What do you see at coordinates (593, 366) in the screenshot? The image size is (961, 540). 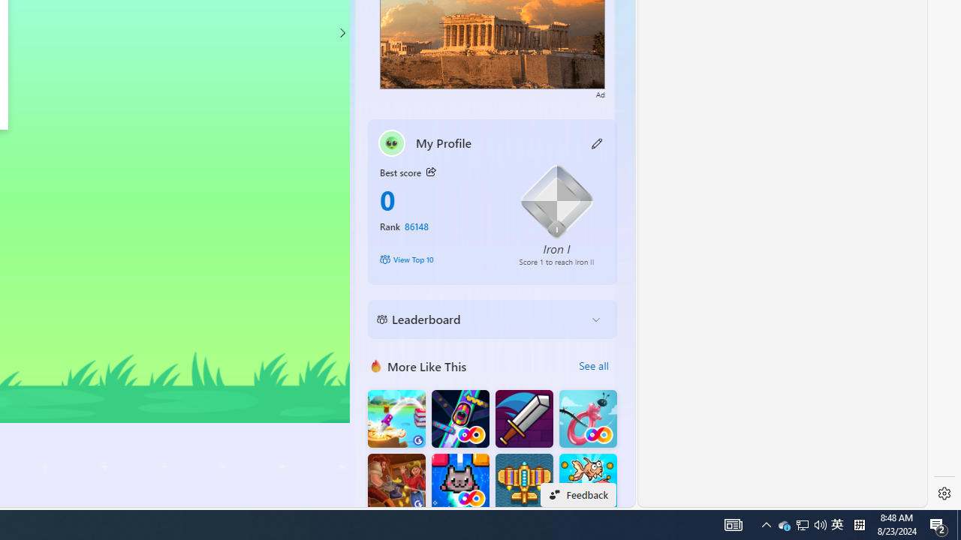 I see `'See all'` at bounding box center [593, 366].